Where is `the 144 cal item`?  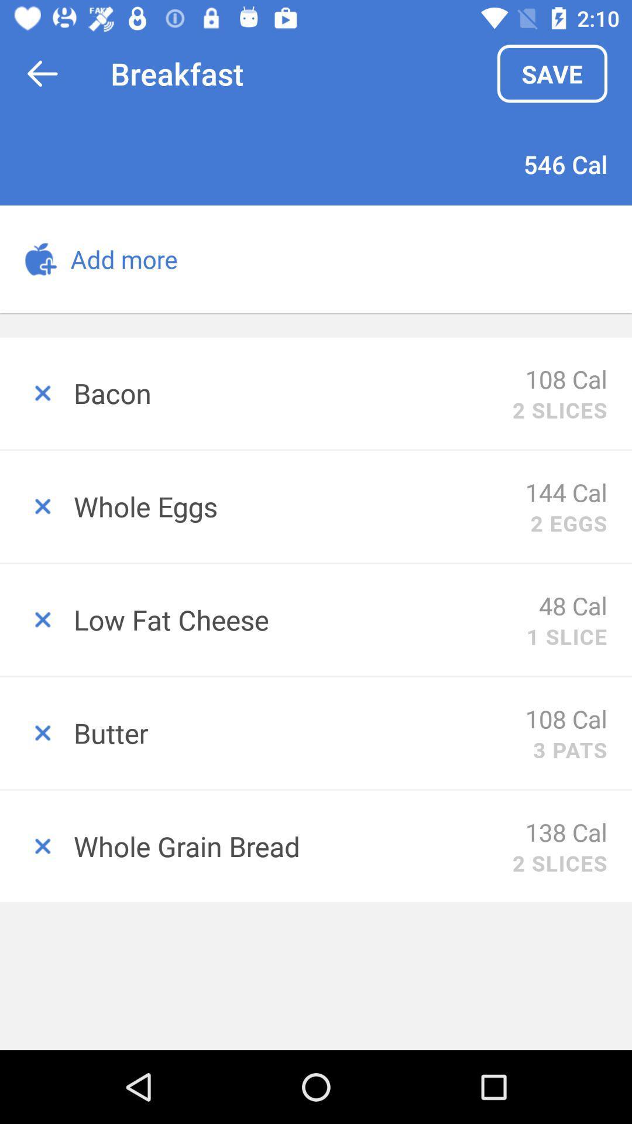 the 144 cal item is located at coordinates (565, 492).